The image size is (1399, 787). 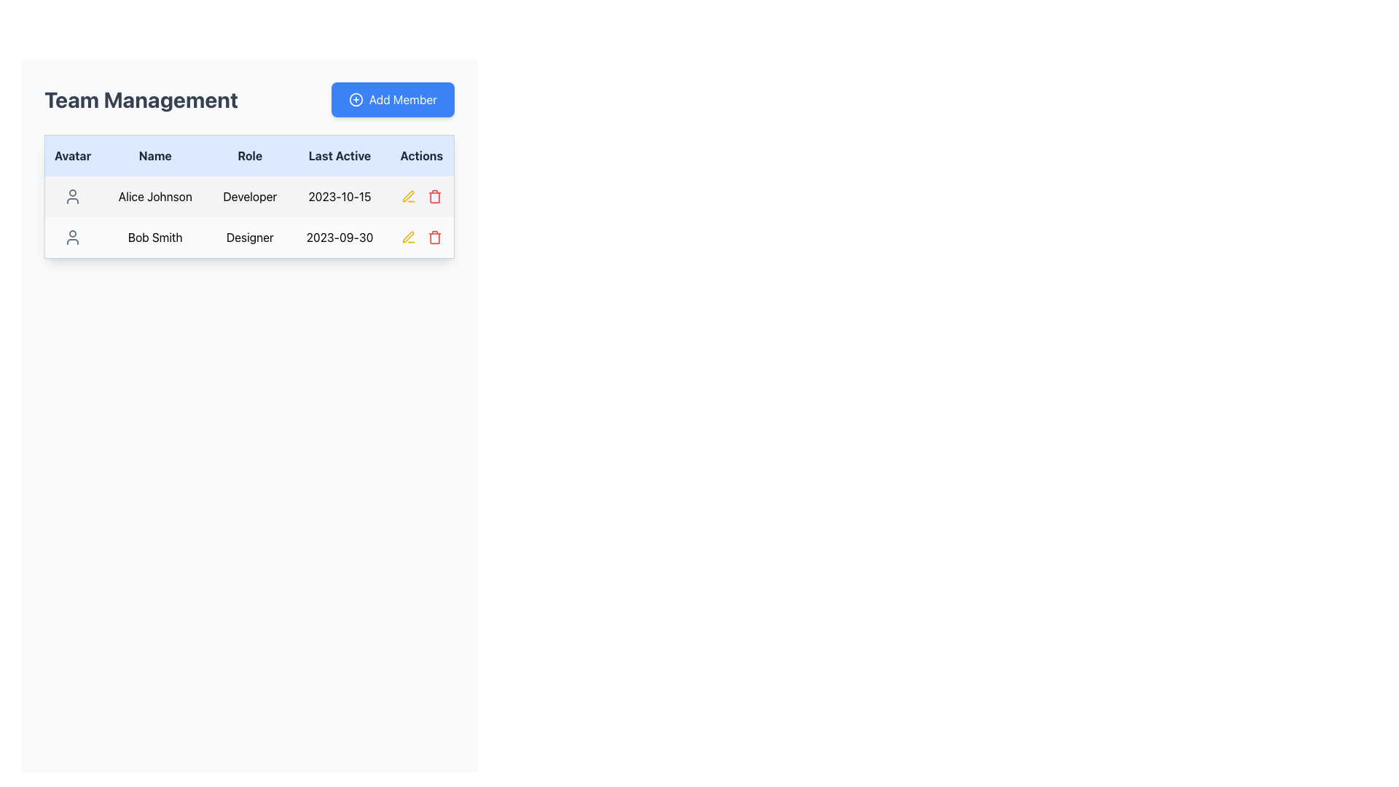 What do you see at coordinates (356, 99) in the screenshot?
I see `the circular icon with a plus sign inside` at bounding box center [356, 99].